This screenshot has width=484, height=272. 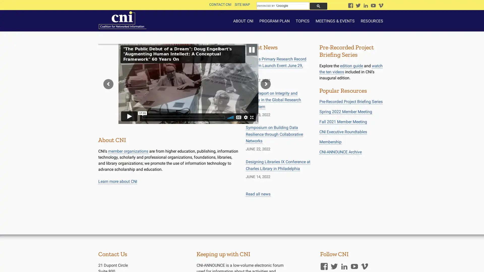 I want to click on search, so click(x=318, y=6).